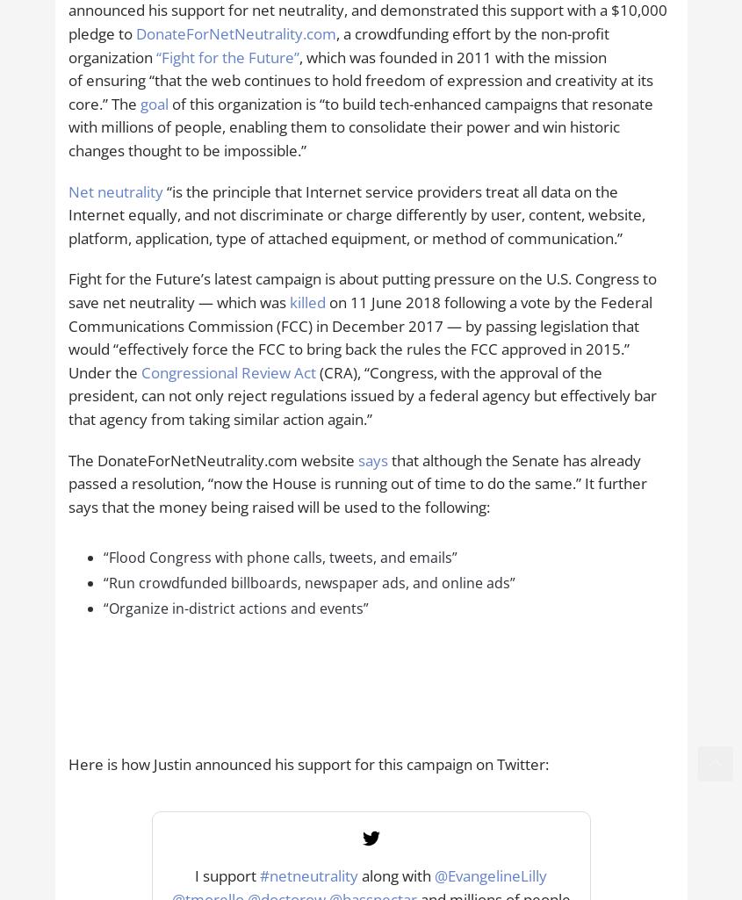 The height and width of the screenshot is (900, 742). What do you see at coordinates (235, 607) in the screenshot?
I see `'“Organize in-district actions and events”'` at bounding box center [235, 607].